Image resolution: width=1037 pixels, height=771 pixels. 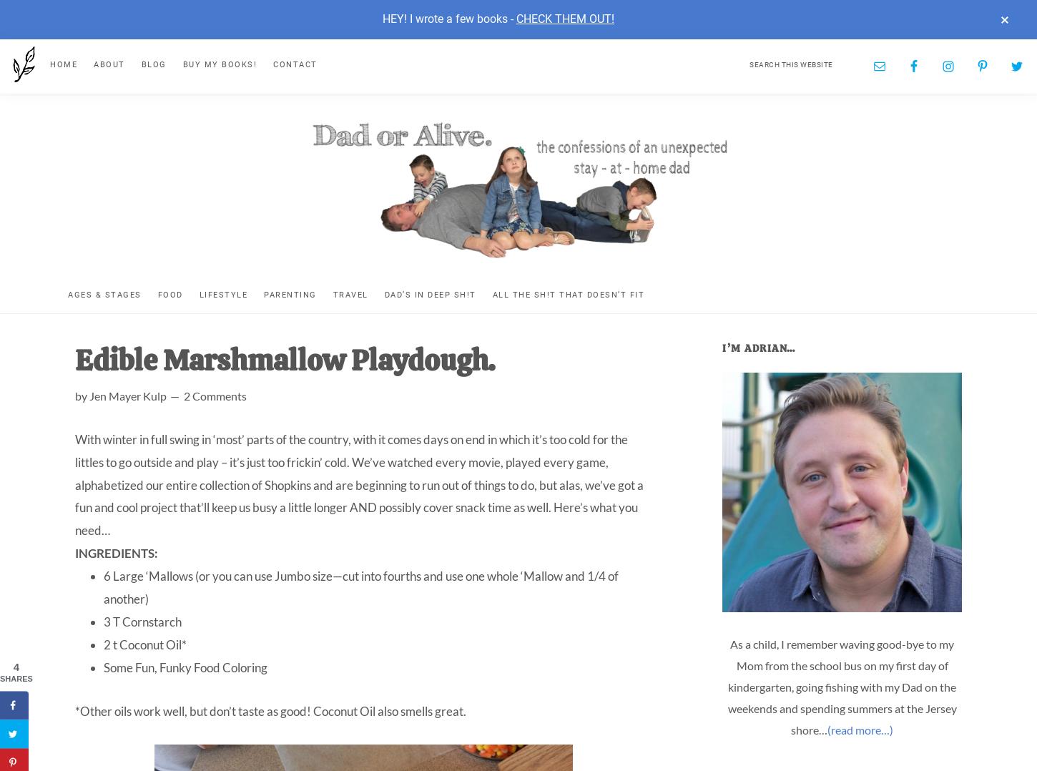 I want to click on 'Blog', so click(x=152, y=63).